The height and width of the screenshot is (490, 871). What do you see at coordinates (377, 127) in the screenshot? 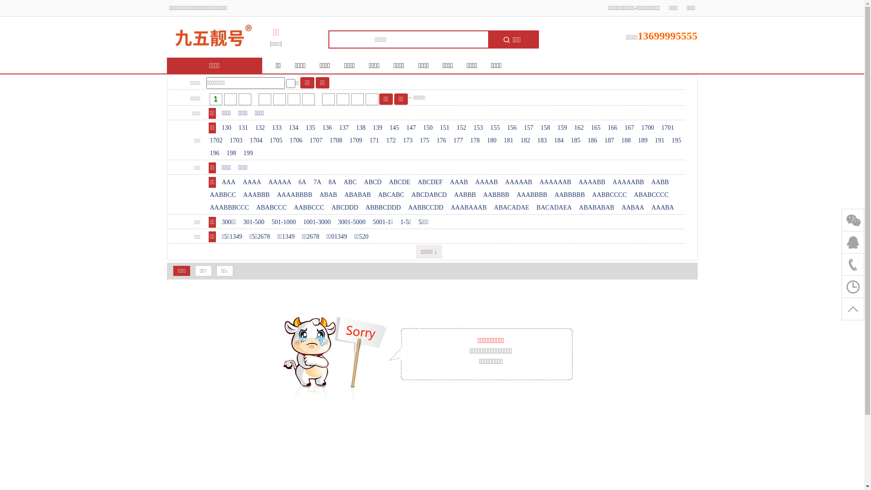
I see `'139'` at bounding box center [377, 127].